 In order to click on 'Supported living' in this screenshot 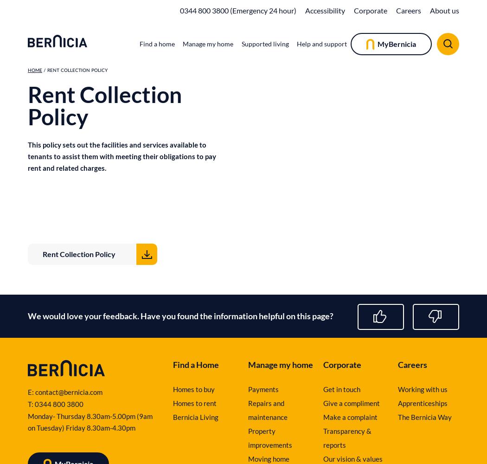, I will do `click(264, 43)`.